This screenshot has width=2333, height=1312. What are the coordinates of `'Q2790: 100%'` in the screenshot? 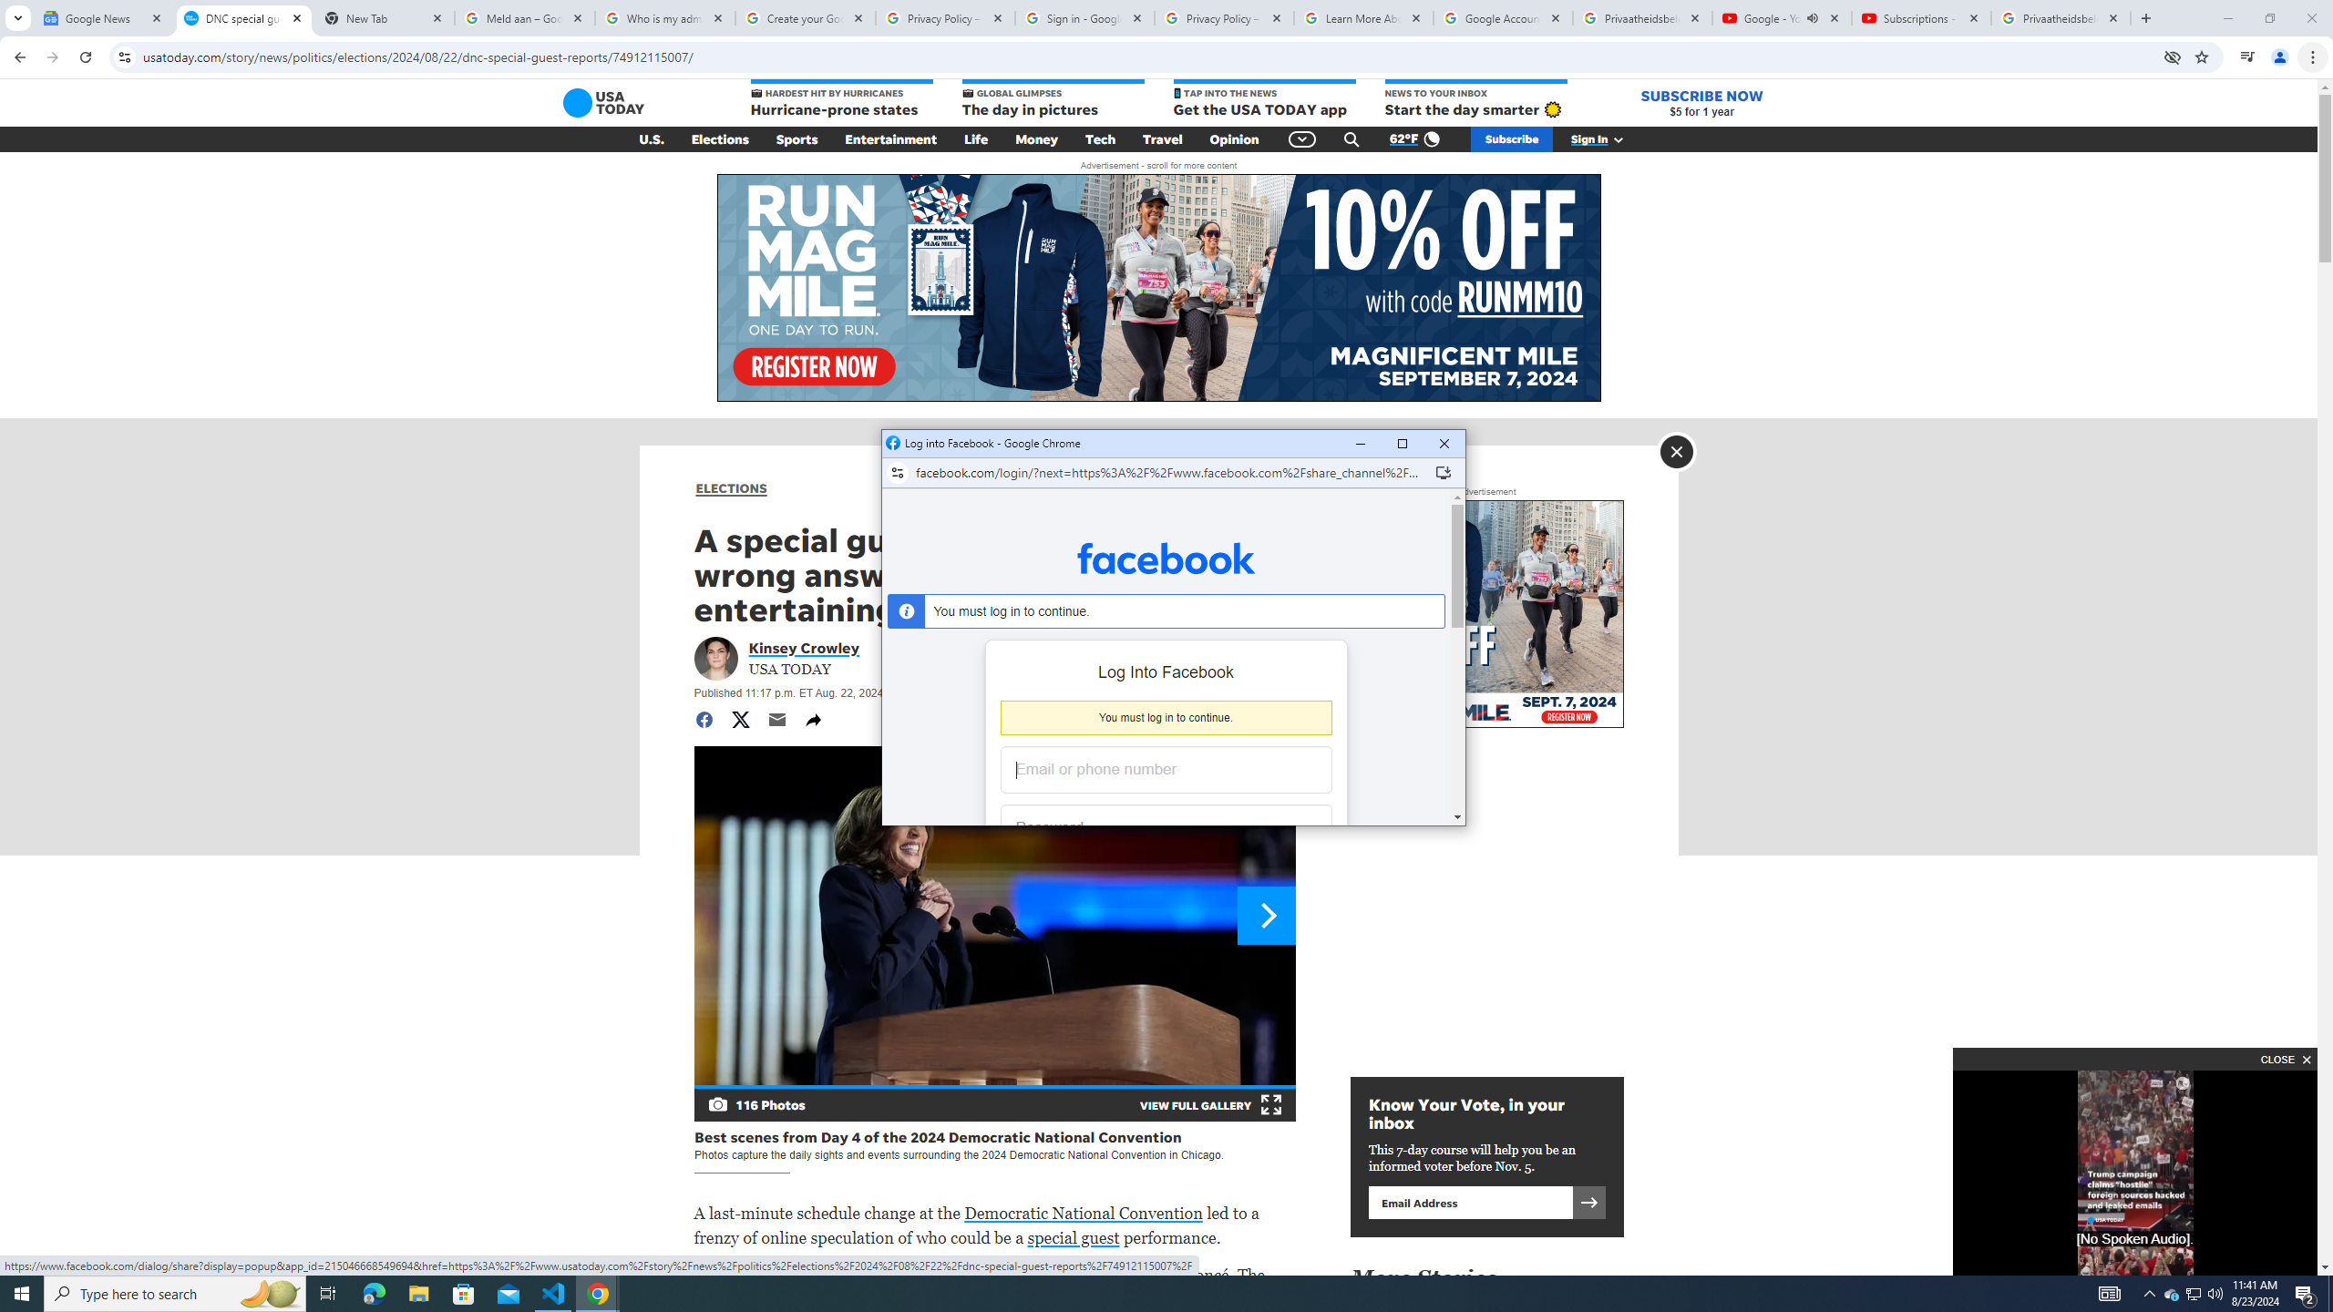 It's located at (2171, 1292).